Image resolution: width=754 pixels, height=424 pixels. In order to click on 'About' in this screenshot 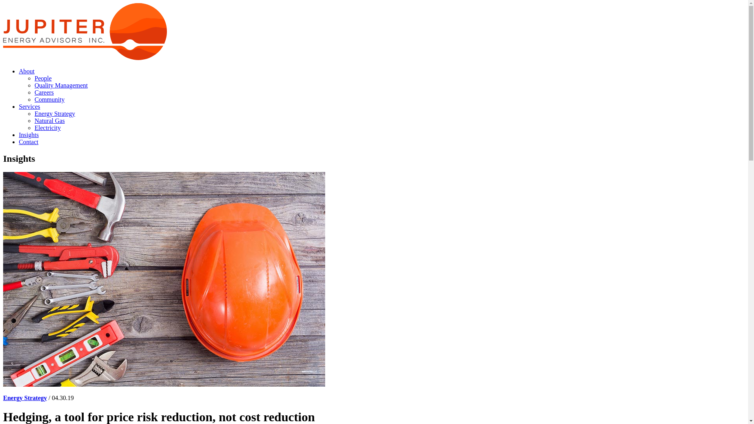, I will do `click(26, 71)`.